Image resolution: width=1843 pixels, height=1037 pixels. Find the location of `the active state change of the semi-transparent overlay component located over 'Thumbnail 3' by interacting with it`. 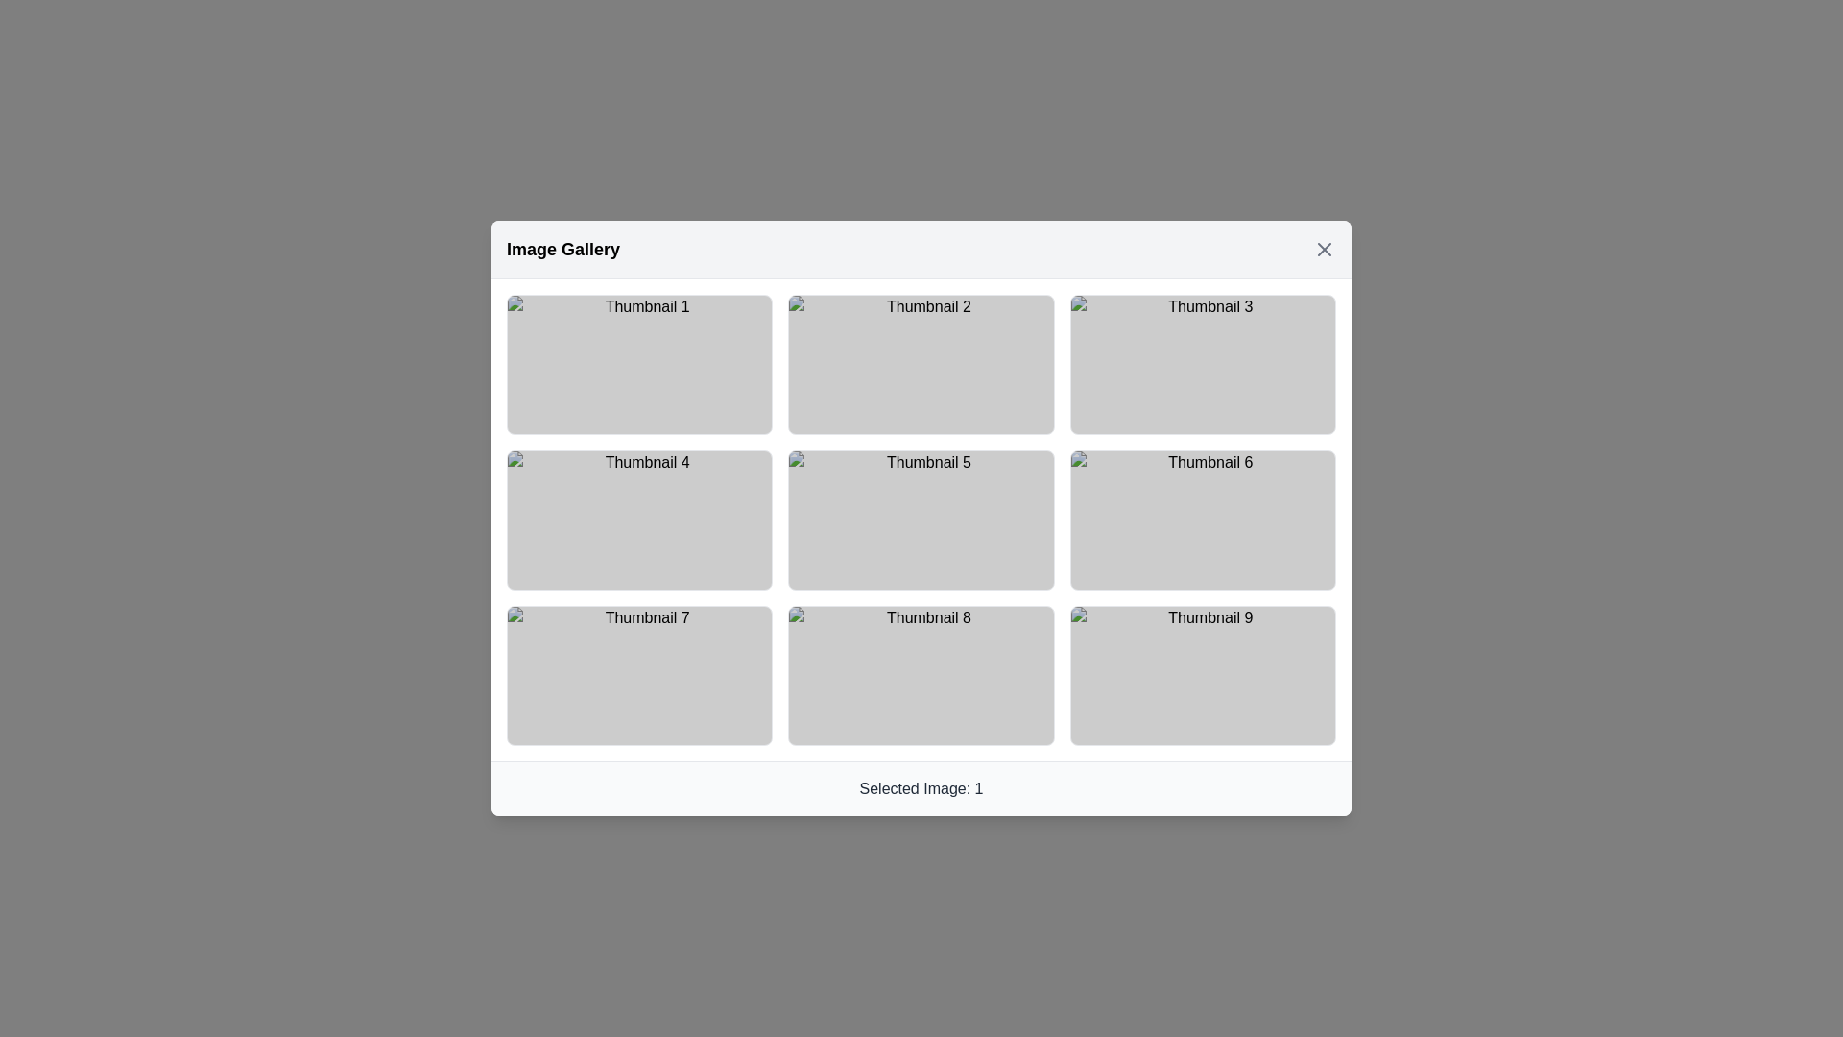

the active state change of the semi-transparent overlay component located over 'Thumbnail 3' by interacting with it is located at coordinates (1202, 365).